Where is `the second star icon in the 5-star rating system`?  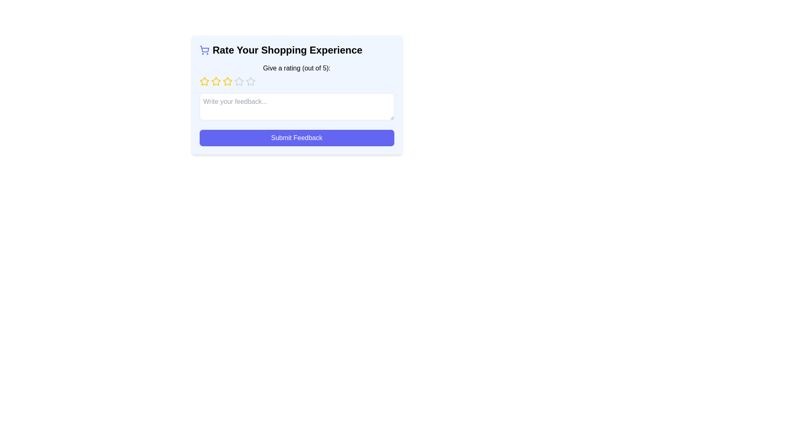 the second star icon in the 5-star rating system is located at coordinates (216, 81).